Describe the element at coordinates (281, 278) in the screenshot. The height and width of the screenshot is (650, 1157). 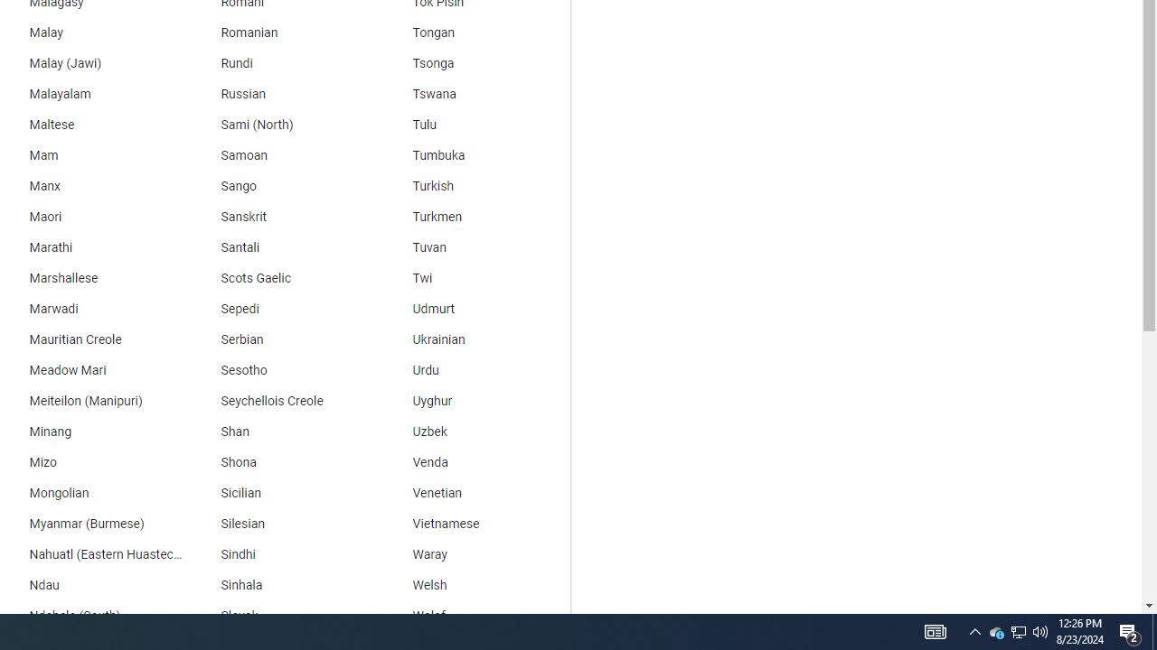
I see `'Scots Gaelic'` at that location.